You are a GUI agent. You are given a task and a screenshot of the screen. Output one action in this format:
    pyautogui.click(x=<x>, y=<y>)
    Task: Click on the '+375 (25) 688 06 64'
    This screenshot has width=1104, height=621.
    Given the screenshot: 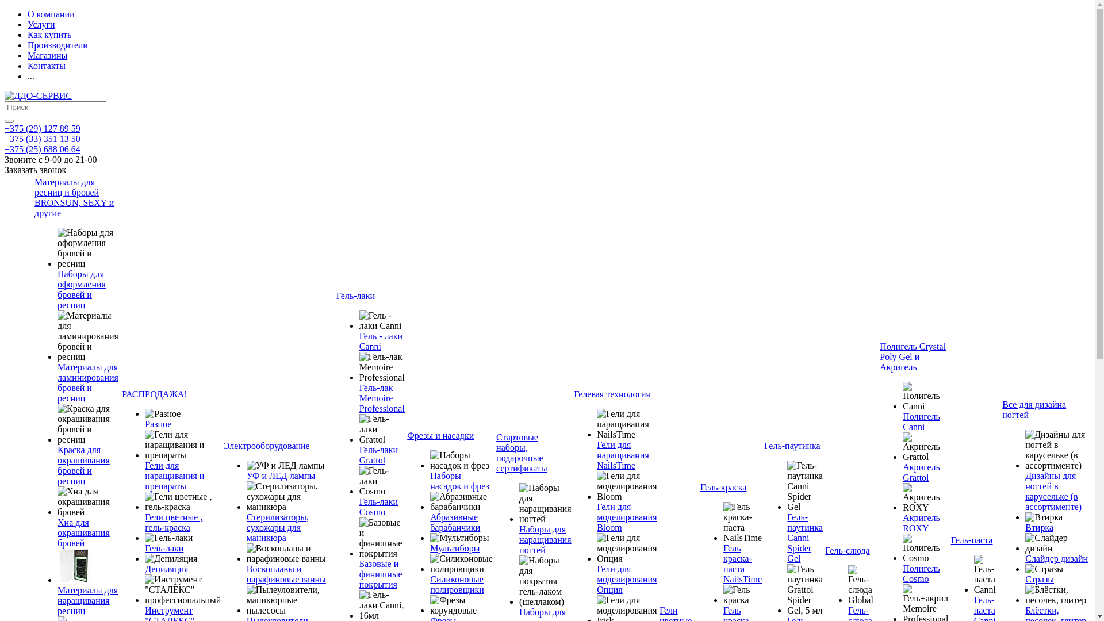 What is the action you would take?
    pyautogui.click(x=42, y=148)
    